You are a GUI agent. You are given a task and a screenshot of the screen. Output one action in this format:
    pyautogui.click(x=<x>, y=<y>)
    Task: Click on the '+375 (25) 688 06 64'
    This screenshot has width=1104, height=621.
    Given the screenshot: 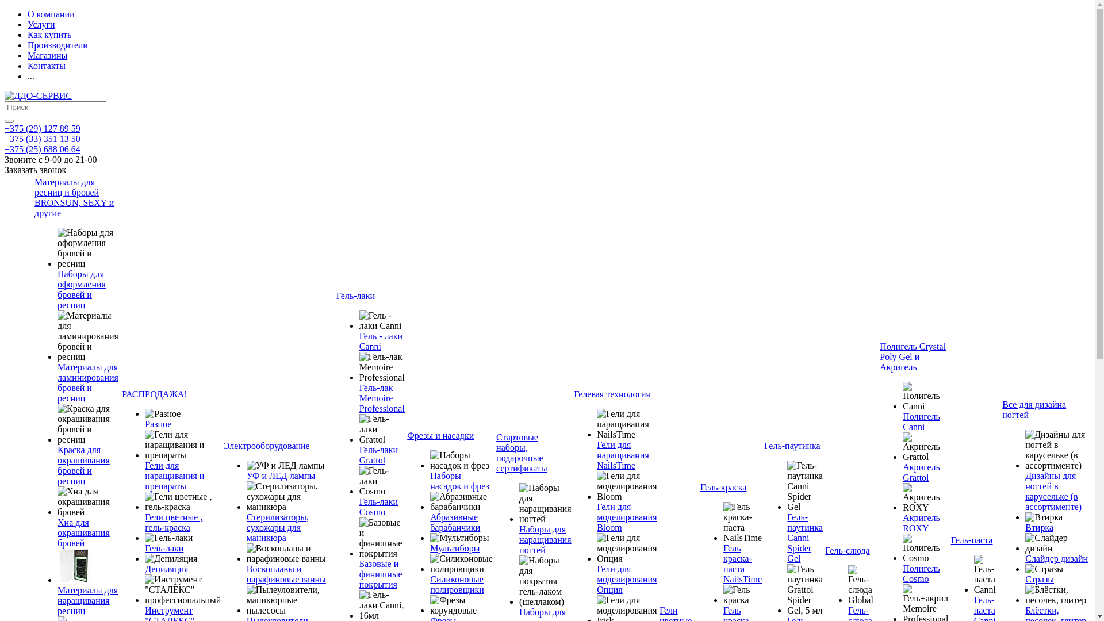 What is the action you would take?
    pyautogui.click(x=42, y=148)
    